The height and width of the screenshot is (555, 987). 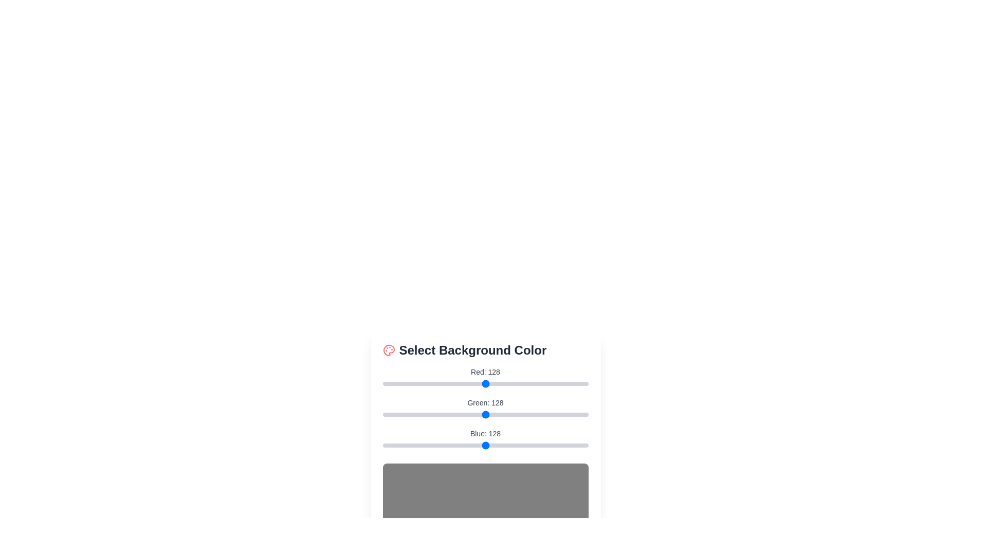 What do you see at coordinates (565, 445) in the screenshot?
I see `the blue color slider to 227 by dragging the slider` at bounding box center [565, 445].